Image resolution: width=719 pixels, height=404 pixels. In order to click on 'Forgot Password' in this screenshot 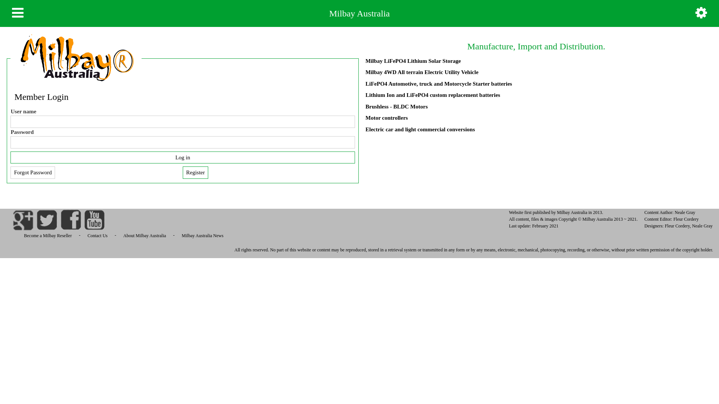, I will do `click(32, 172)`.